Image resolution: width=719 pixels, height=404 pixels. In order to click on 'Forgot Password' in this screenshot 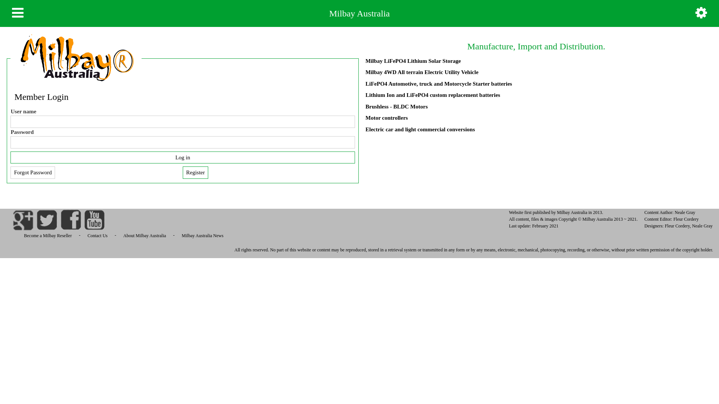, I will do `click(32, 172)`.